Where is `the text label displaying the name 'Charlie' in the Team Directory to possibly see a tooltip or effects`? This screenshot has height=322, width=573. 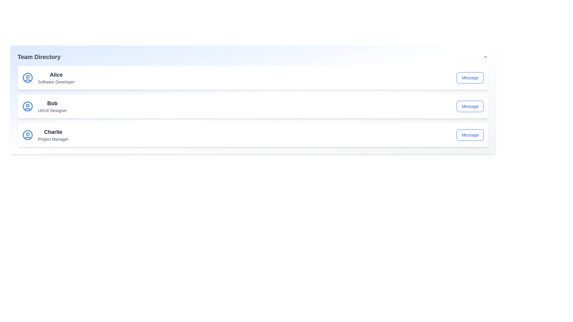
the text label displaying the name 'Charlie' in the Team Directory to possibly see a tooltip or effects is located at coordinates (53, 132).